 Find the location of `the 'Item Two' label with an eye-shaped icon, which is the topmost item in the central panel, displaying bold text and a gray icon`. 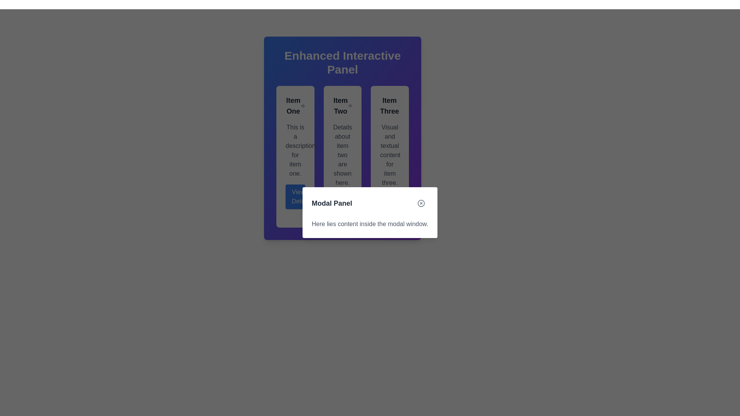

the 'Item Two' label with an eye-shaped icon, which is the topmost item in the central panel, displaying bold text and a gray icon is located at coordinates (342, 106).